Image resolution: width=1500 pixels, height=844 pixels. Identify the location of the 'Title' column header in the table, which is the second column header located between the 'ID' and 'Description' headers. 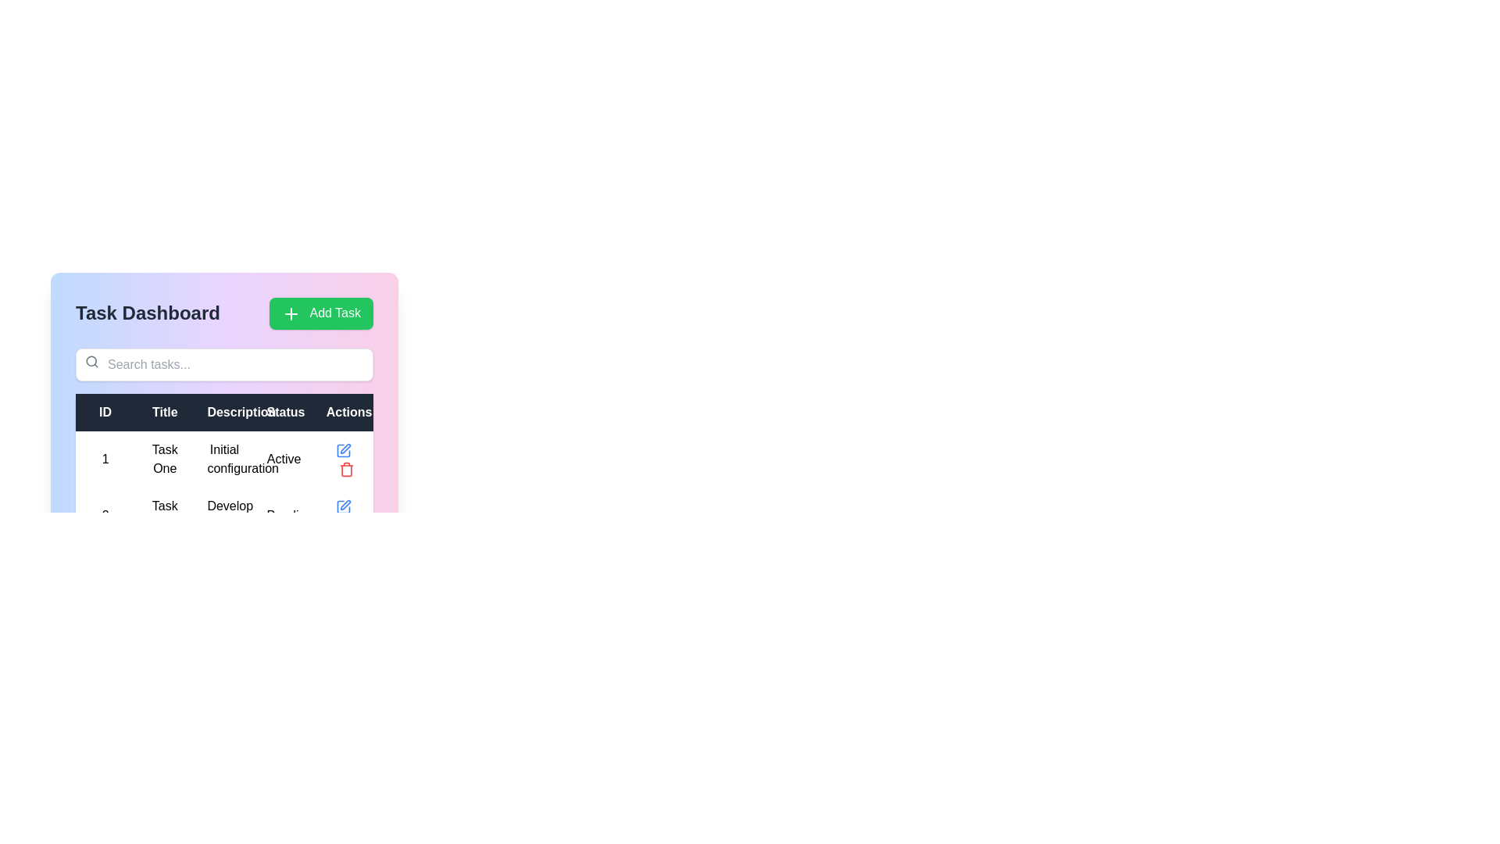
(165, 411).